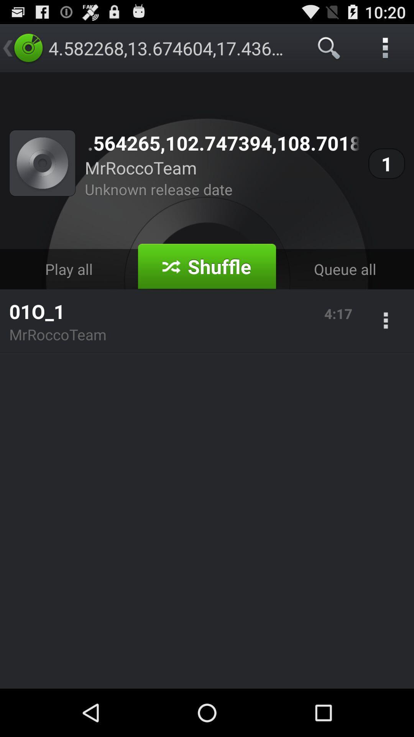 Image resolution: width=414 pixels, height=737 pixels. Describe the element at coordinates (344, 269) in the screenshot. I see `the app below 1 icon` at that location.